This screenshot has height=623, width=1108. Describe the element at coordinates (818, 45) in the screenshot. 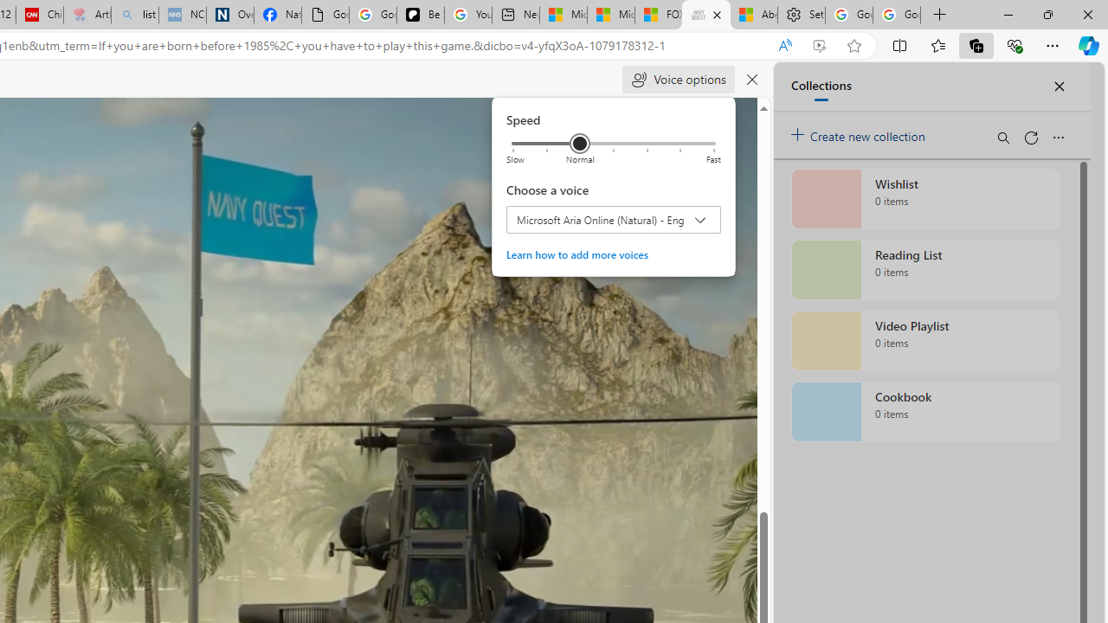

I see `'Enhance video'` at that location.